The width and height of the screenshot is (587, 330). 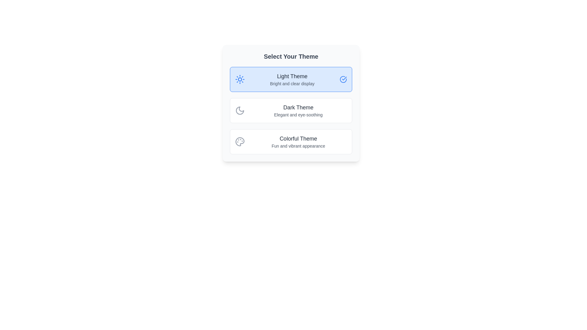 I want to click on the descriptive text component that provides information about the 'Colorful Theme' option, located below the 'Dark Theme' card in the theme selection interface, so click(x=298, y=141).